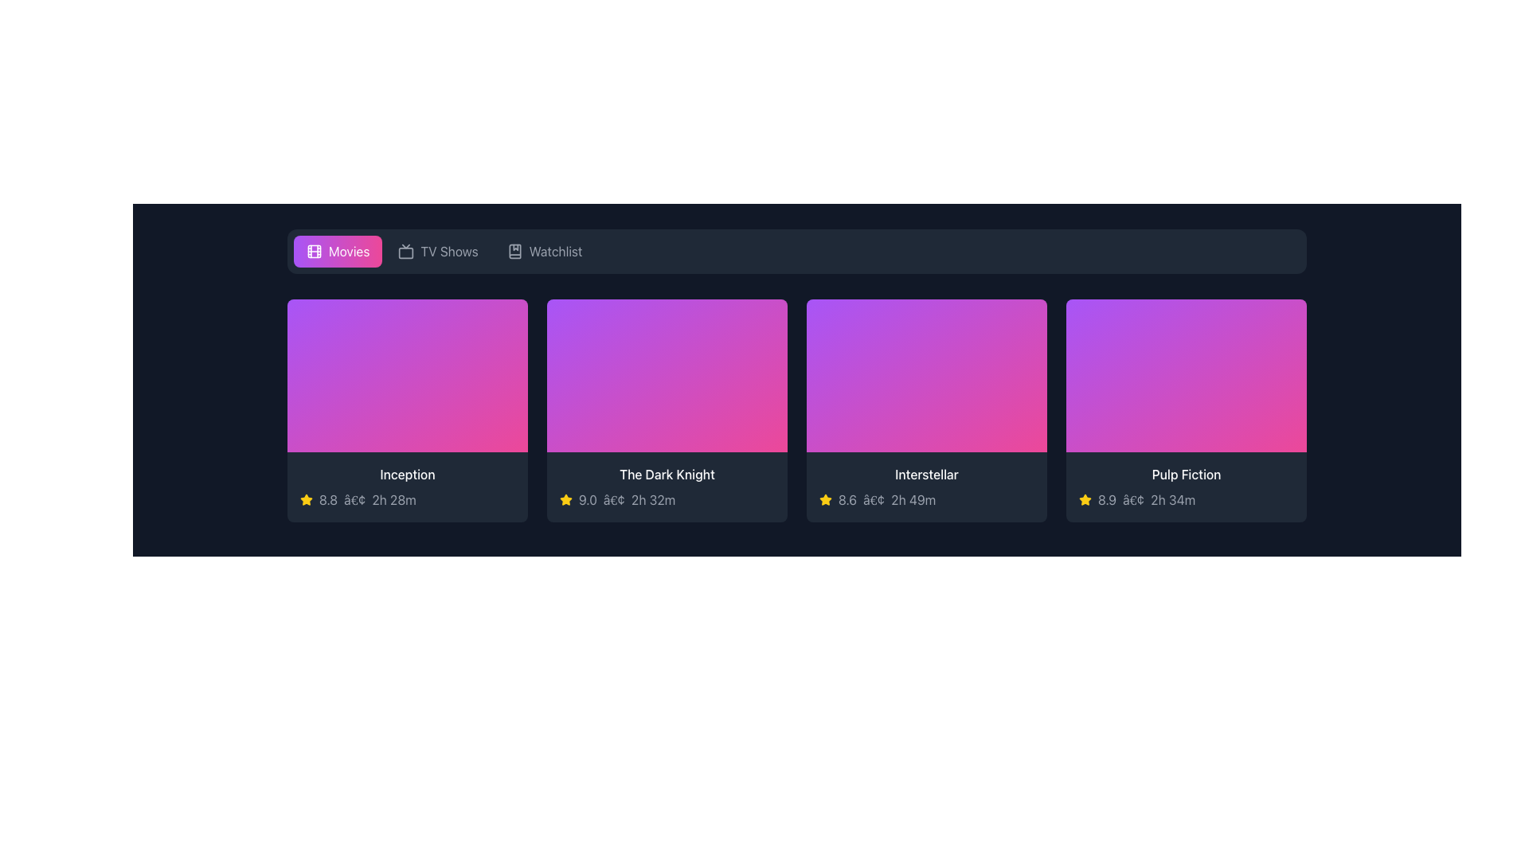 This screenshot has width=1529, height=860. Describe the element at coordinates (514, 251) in the screenshot. I see `the 'Watchlist' icon located in the top navigation bar, preceding the 'Watchlist' label` at that location.